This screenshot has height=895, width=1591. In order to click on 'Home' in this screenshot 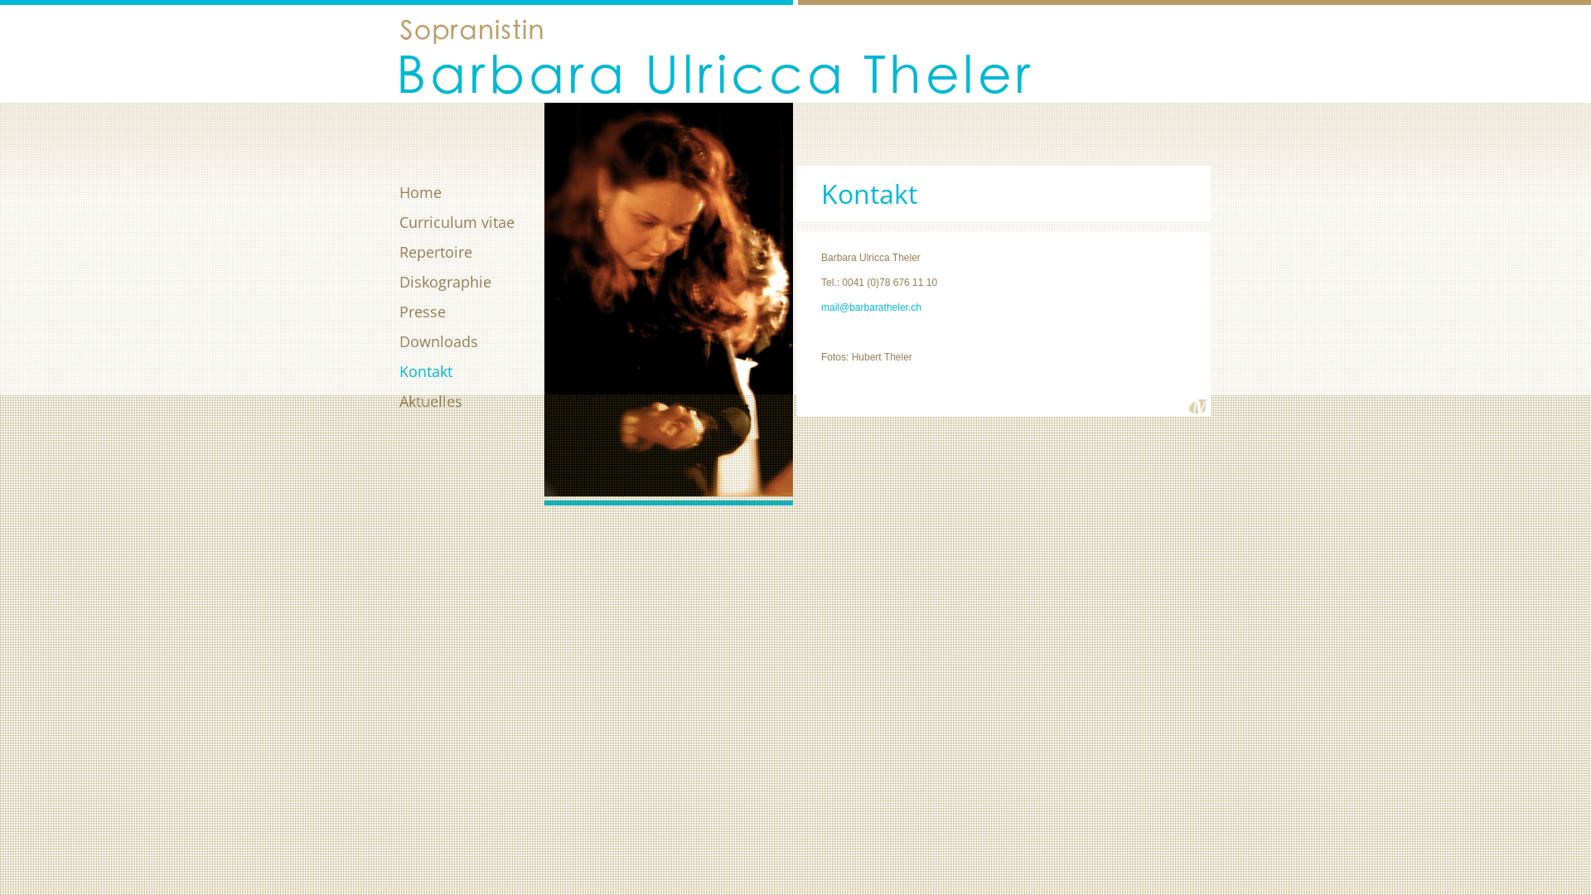, I will do `click(471, 191)`.